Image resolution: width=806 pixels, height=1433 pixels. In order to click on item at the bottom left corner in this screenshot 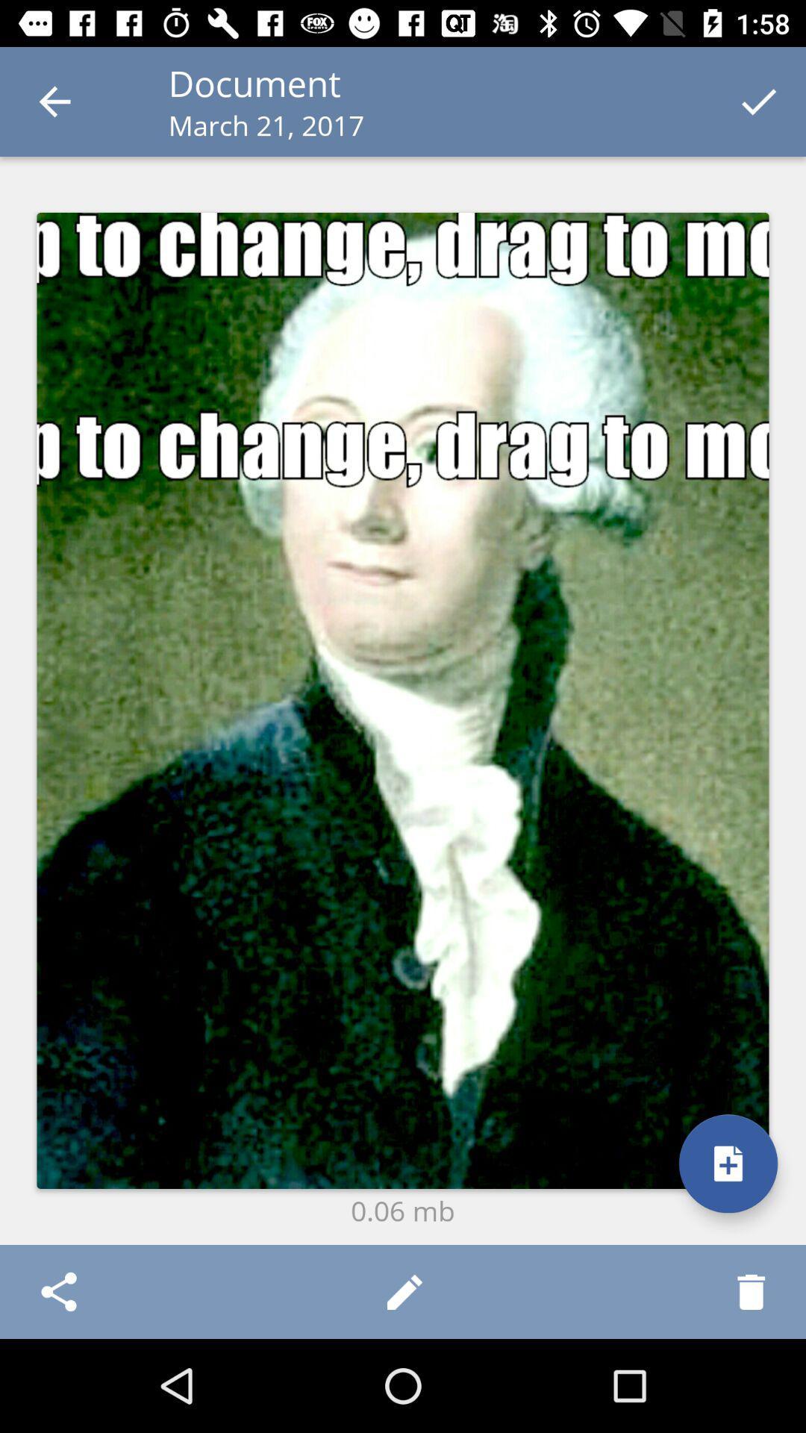, I will do `click(57, 1291)`.